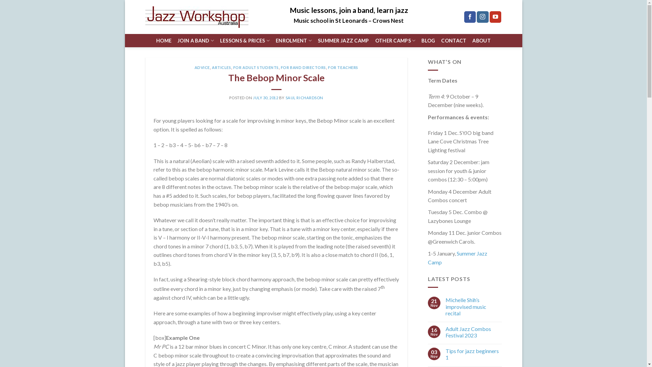 The height and width of the screenshot is (367, 652). Describe the element at coordinates (473, 331) in the screenshot. I see `'Adult Jazz Combos Festival 2023'` at that location.